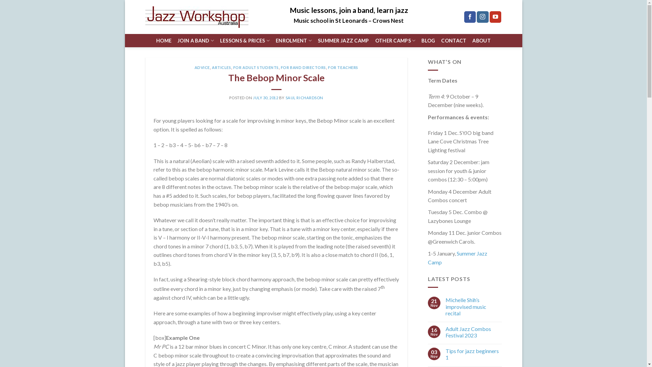 The height and width of the screenshot is (367, 652). Describe the element at coordinates (473, 331) in the screenshot. I see `'Adult Jazz Combos Festival 2023'` at that location.